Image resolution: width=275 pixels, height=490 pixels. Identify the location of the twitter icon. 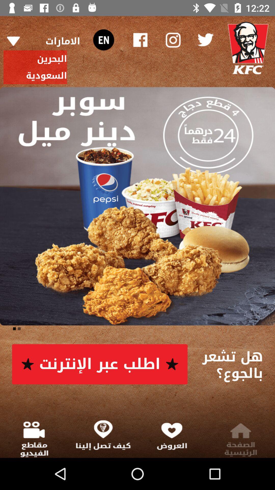
(205, 40).